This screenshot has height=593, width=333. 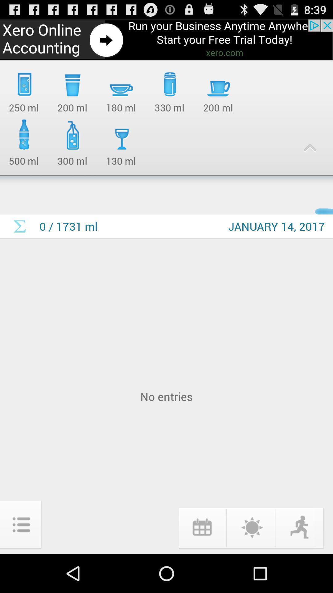 I want to click on the weather icon, so click(x=251, y=564).